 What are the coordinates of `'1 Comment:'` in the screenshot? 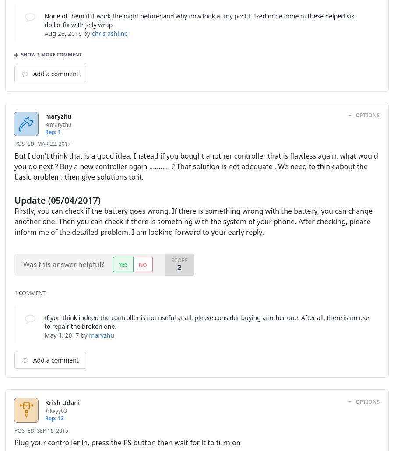 It's located at (14, 292).